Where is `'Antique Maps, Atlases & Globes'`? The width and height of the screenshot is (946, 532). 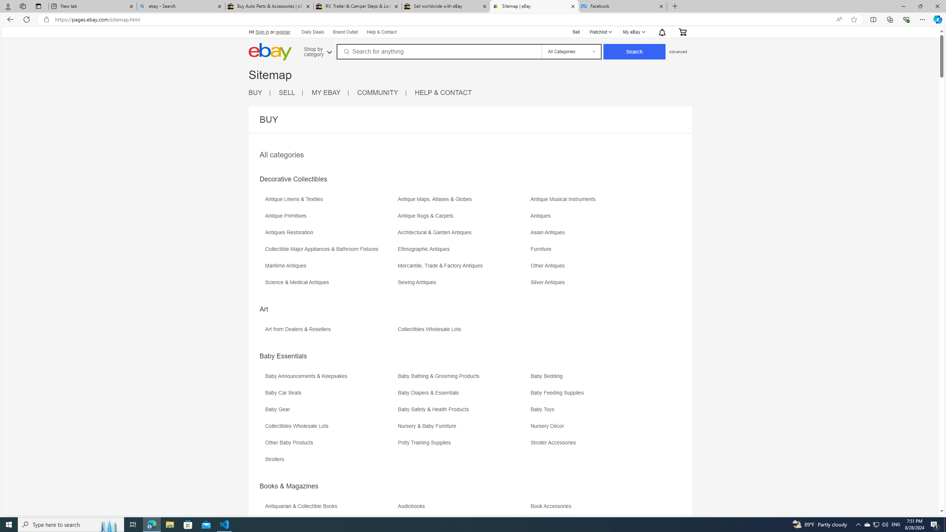
'Antique Maps, Atlases & Globes' is located at coordinates (436, 199).